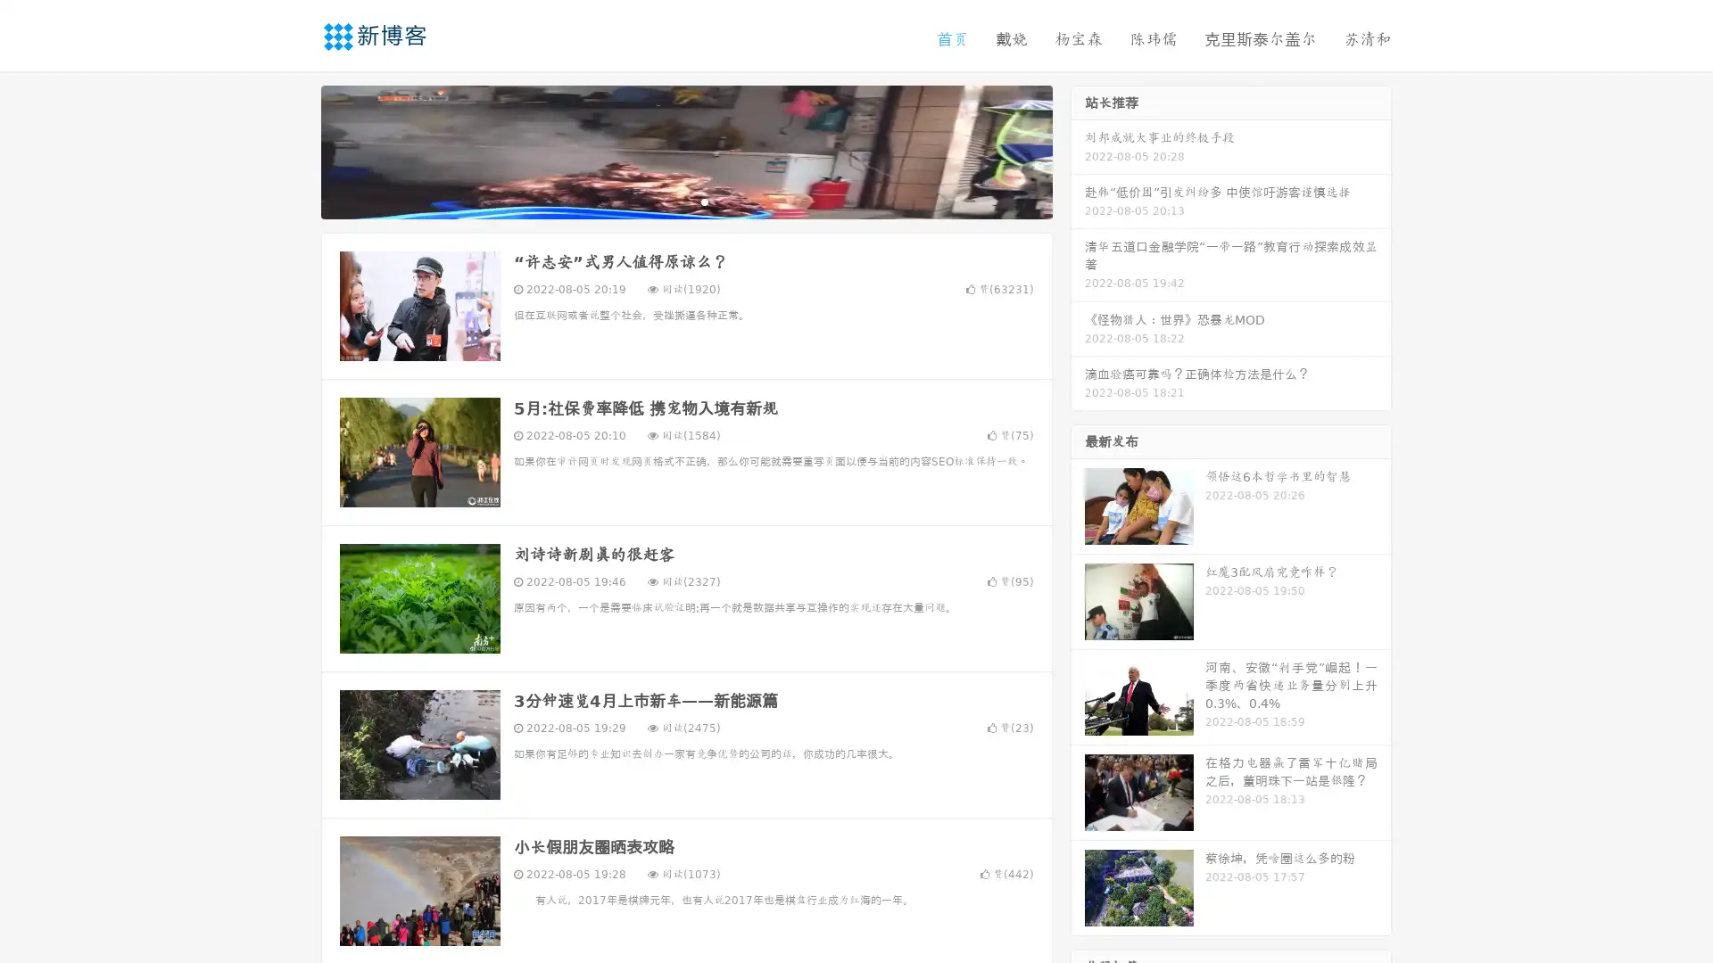 The width and height of the screenshot is (1713, 963). What do you see at coordinates (667, 201) in the screenshot?
I see `Go to slide 1` at bounding box center [667, 201].